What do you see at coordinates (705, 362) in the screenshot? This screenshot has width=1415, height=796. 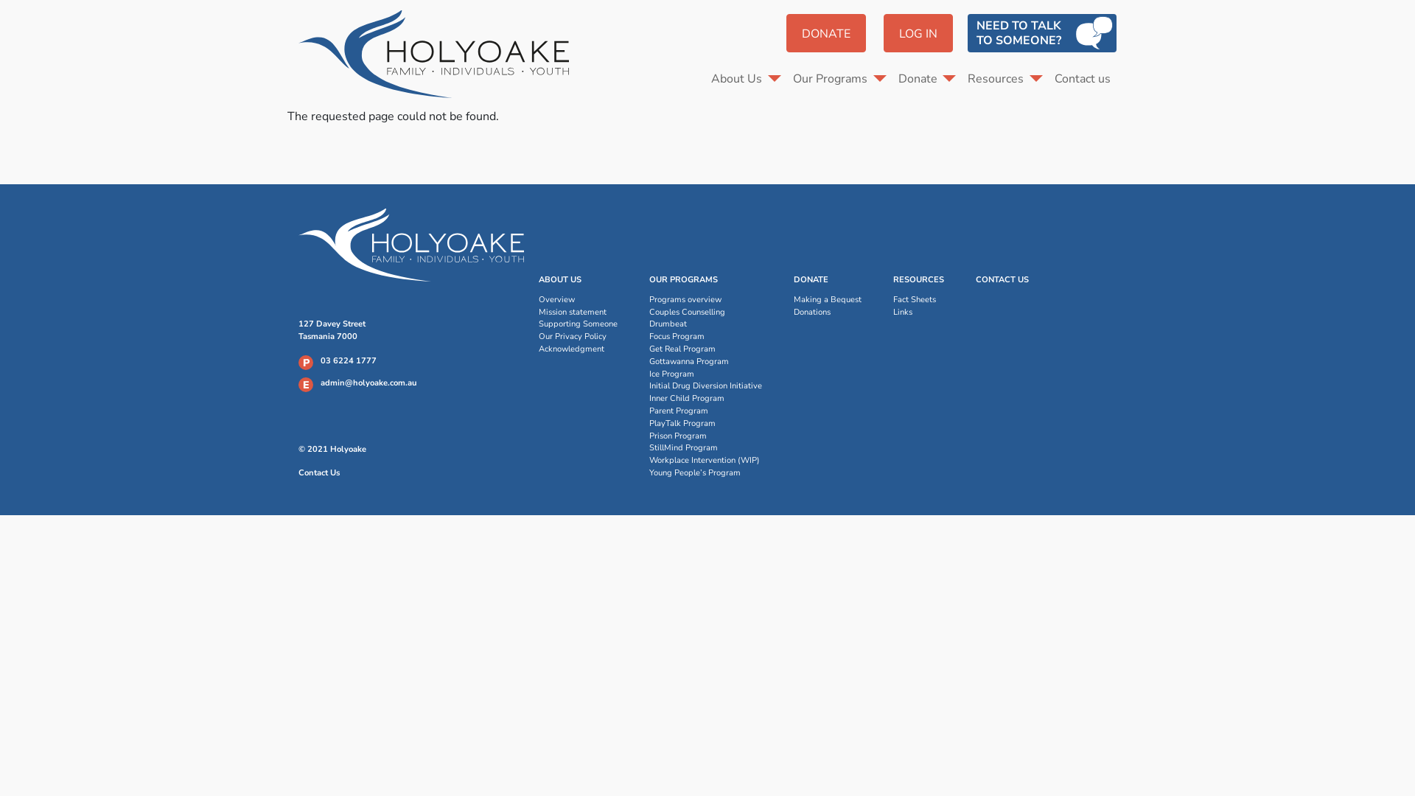 I see `'Gottawanna Program'` at bounding box center [705, 362].